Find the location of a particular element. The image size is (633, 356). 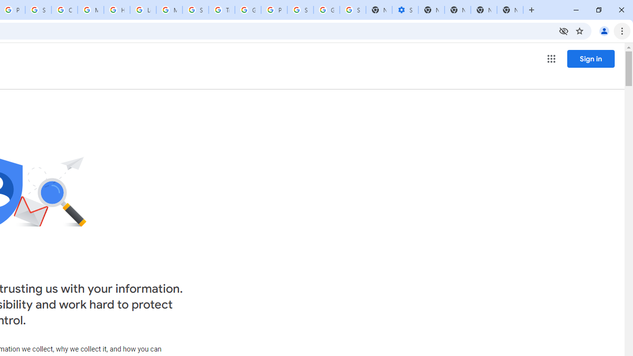

'Trusted Information and Content - Google Safety Center' is located at coordinates (221, 10).